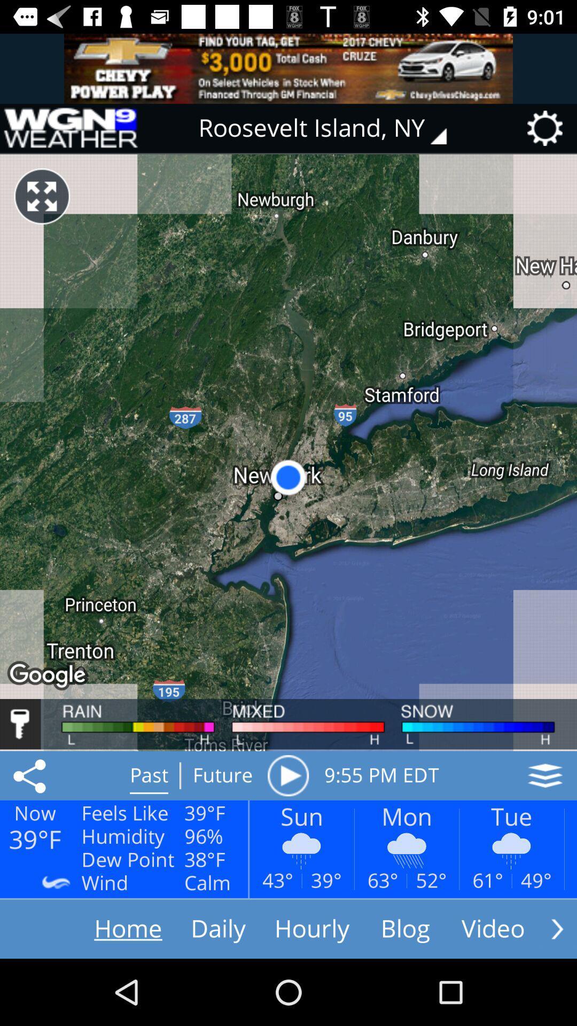 This screenshot has width=577, height=1026. What do you see at coordinates (545, 775) in the screenshot?
I see `the layers icon` at bounding box center [545, 775].